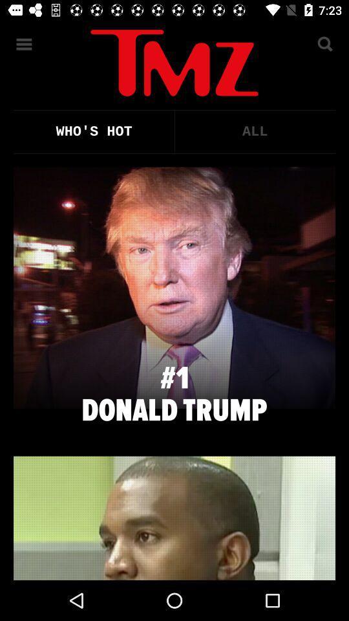  What do you see at coordinates (324, 44) in the screenshot?
I see `the search icon` at bounding box center [324, 44].